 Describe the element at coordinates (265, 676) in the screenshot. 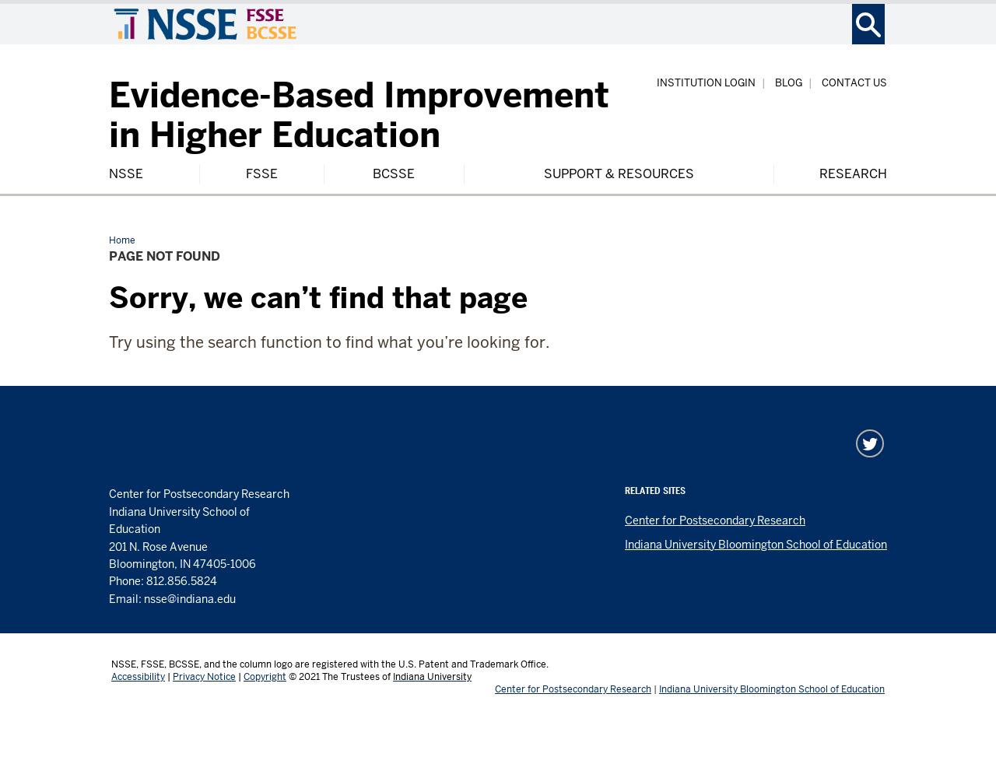

I see `'Copyright'` at that location.